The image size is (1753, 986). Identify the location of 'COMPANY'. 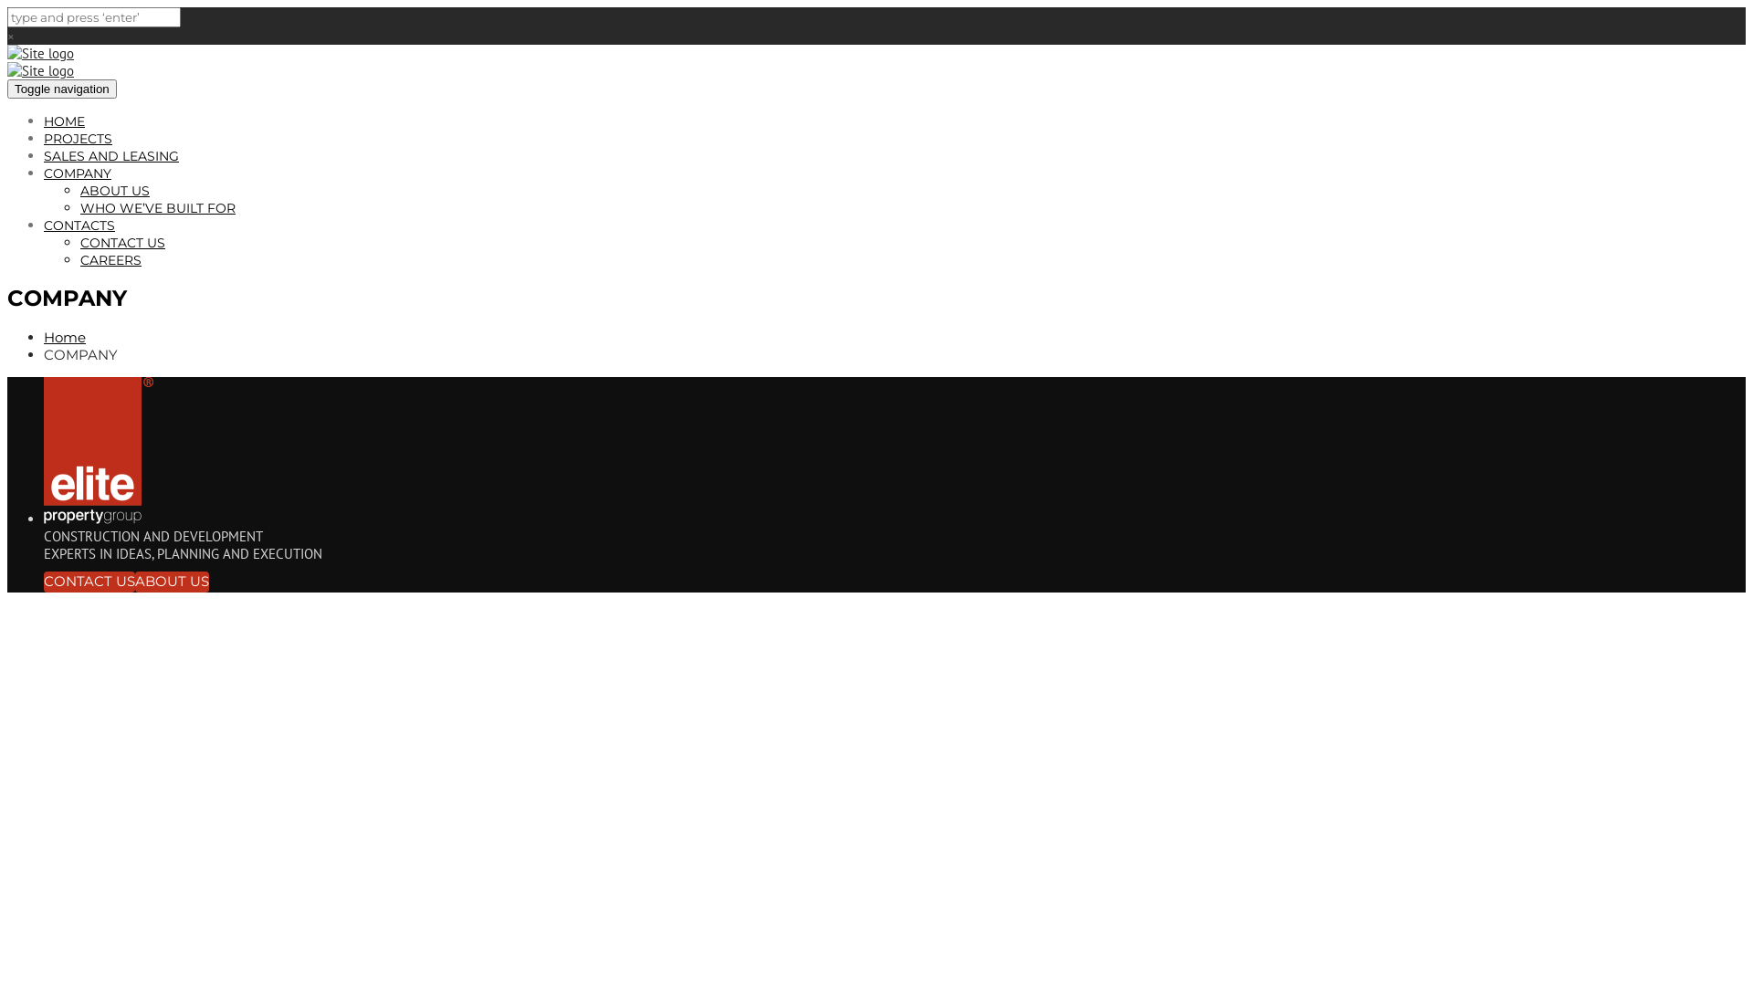
(44, 173).